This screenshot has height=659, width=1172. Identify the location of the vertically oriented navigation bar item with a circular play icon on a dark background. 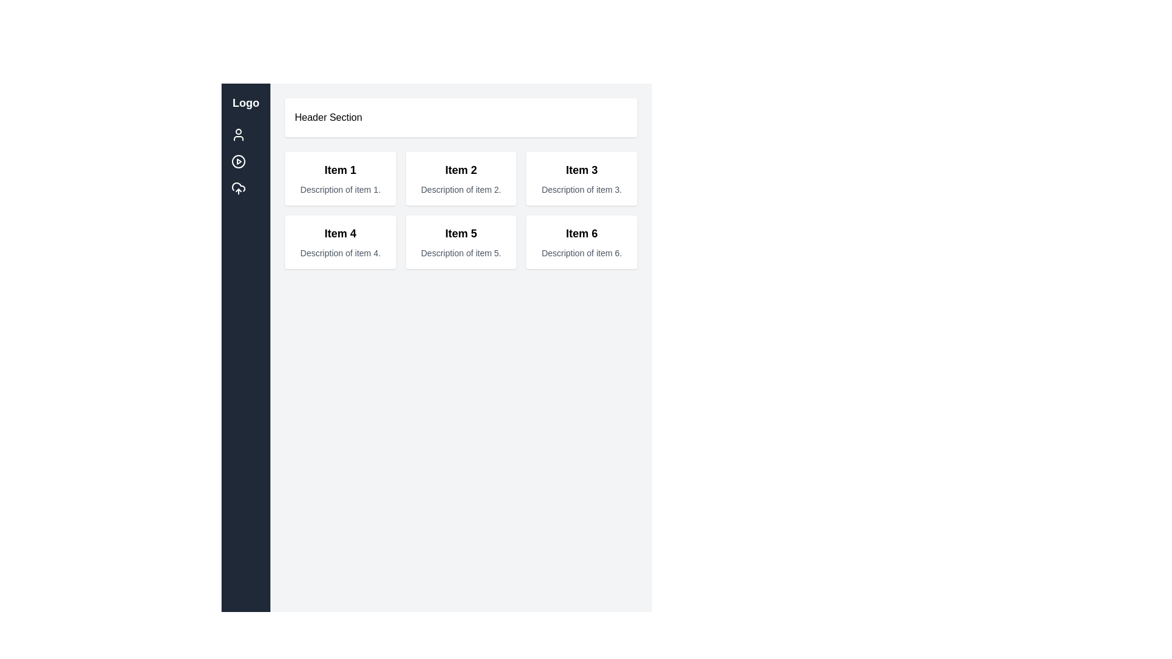
(245, 161).